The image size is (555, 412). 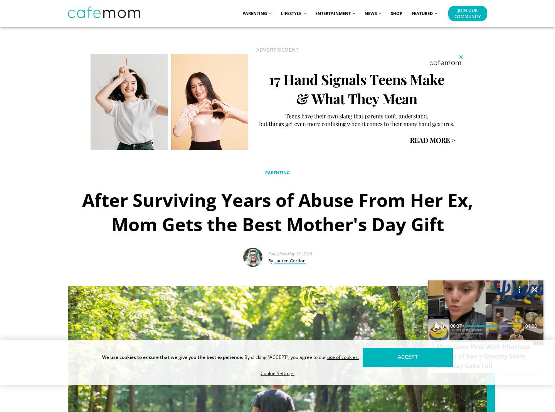 What do you see at coordinates (333, 12) in the screenshot?
I see `'Entertainment'` at bounding box center [333, 12].